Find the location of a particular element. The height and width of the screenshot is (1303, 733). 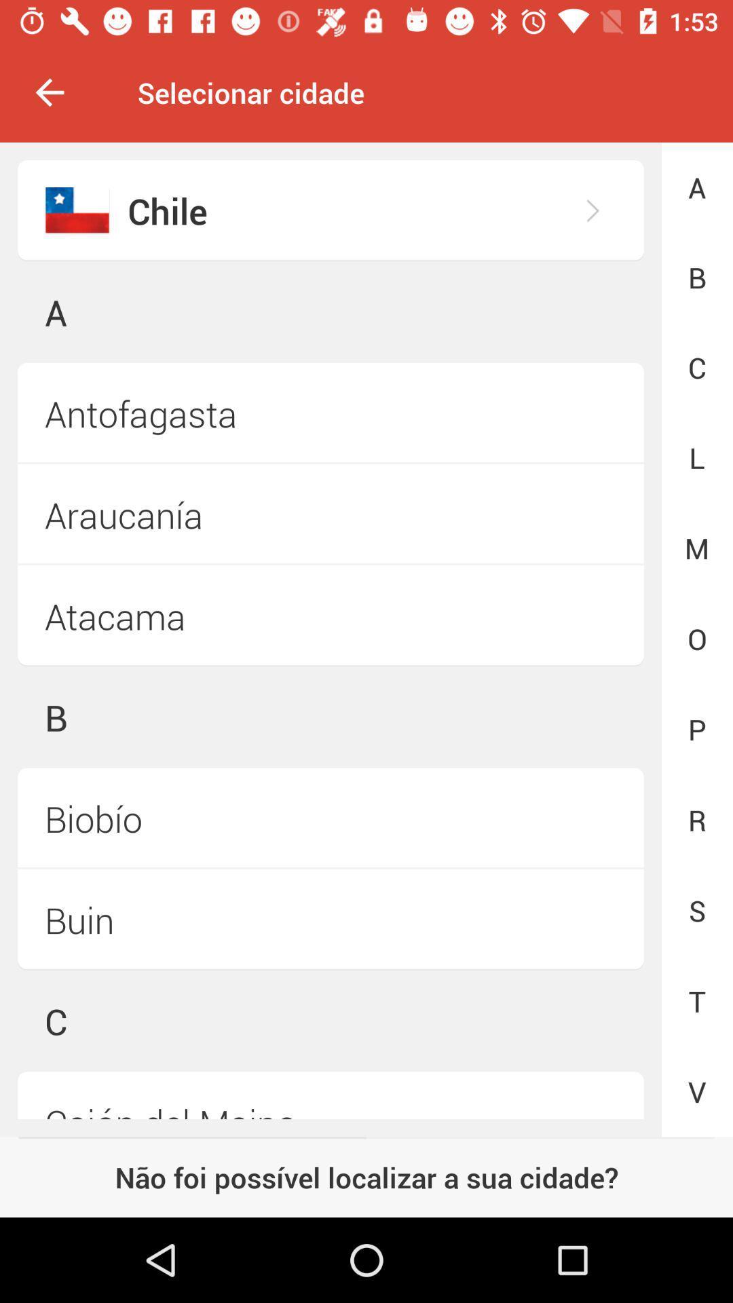

icon to the left of the m is located at coordinates (331, 514).